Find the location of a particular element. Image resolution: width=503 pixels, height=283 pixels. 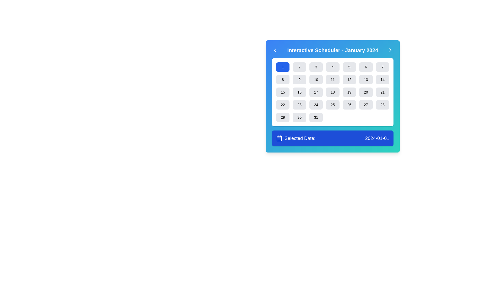

the selectable date button representing the number '24' in the calendar interface is located at coordinates (316, 105).